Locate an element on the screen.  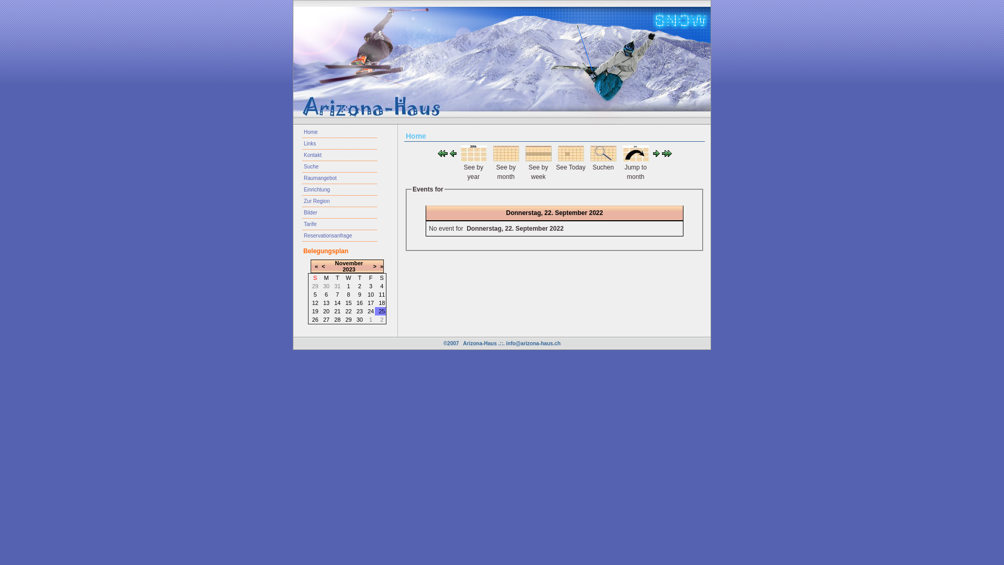
'30' is located at coordinates (359, 319).